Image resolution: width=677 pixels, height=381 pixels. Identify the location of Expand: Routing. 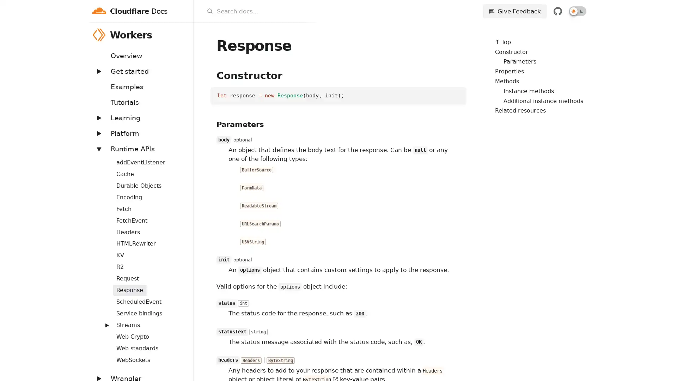
(103, 298).